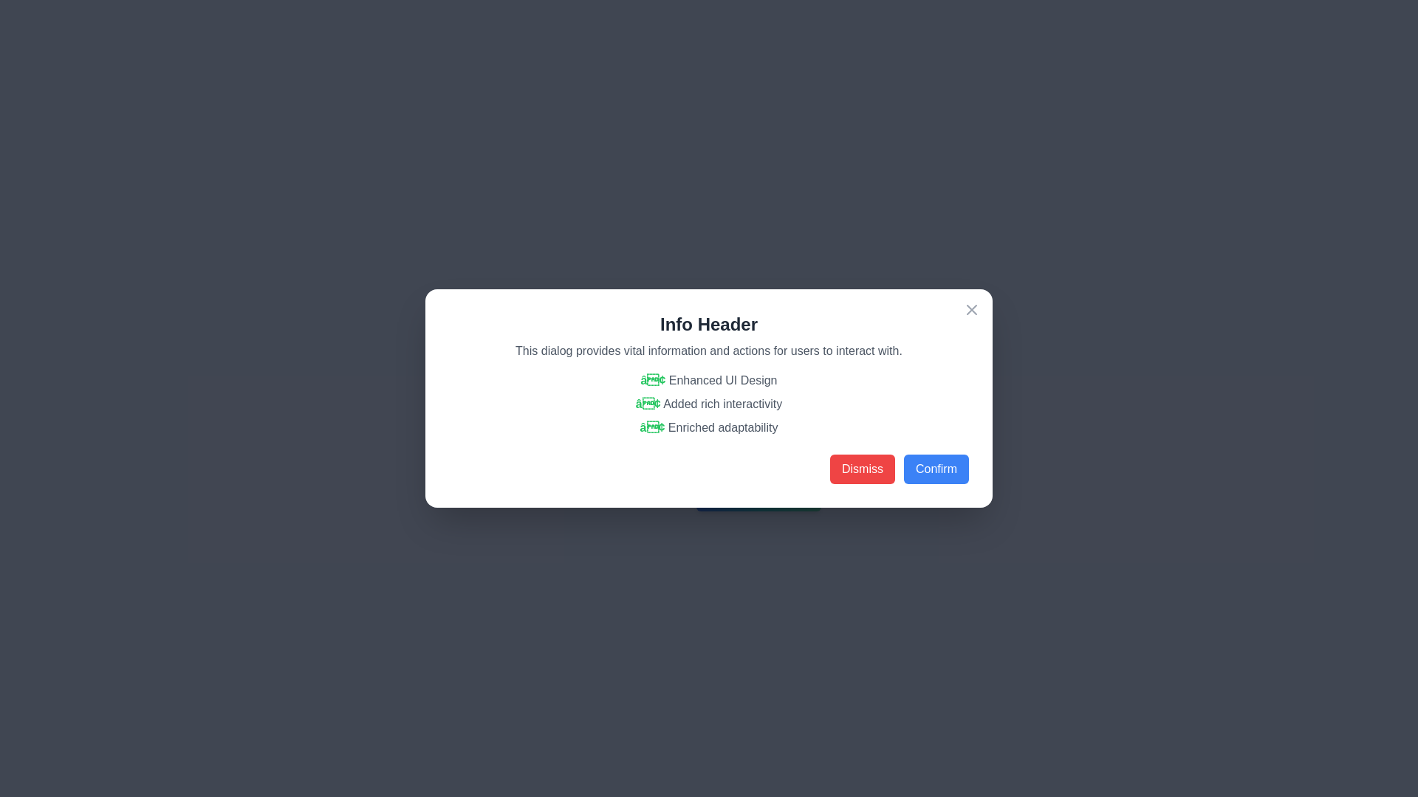  What do you see at coordinates (651, 427) in the screenshot?
I see `the bullet point icon that serves as the third bullet point in the list displayed in the middle of the modal dialog` at bounding box center [651, 427].